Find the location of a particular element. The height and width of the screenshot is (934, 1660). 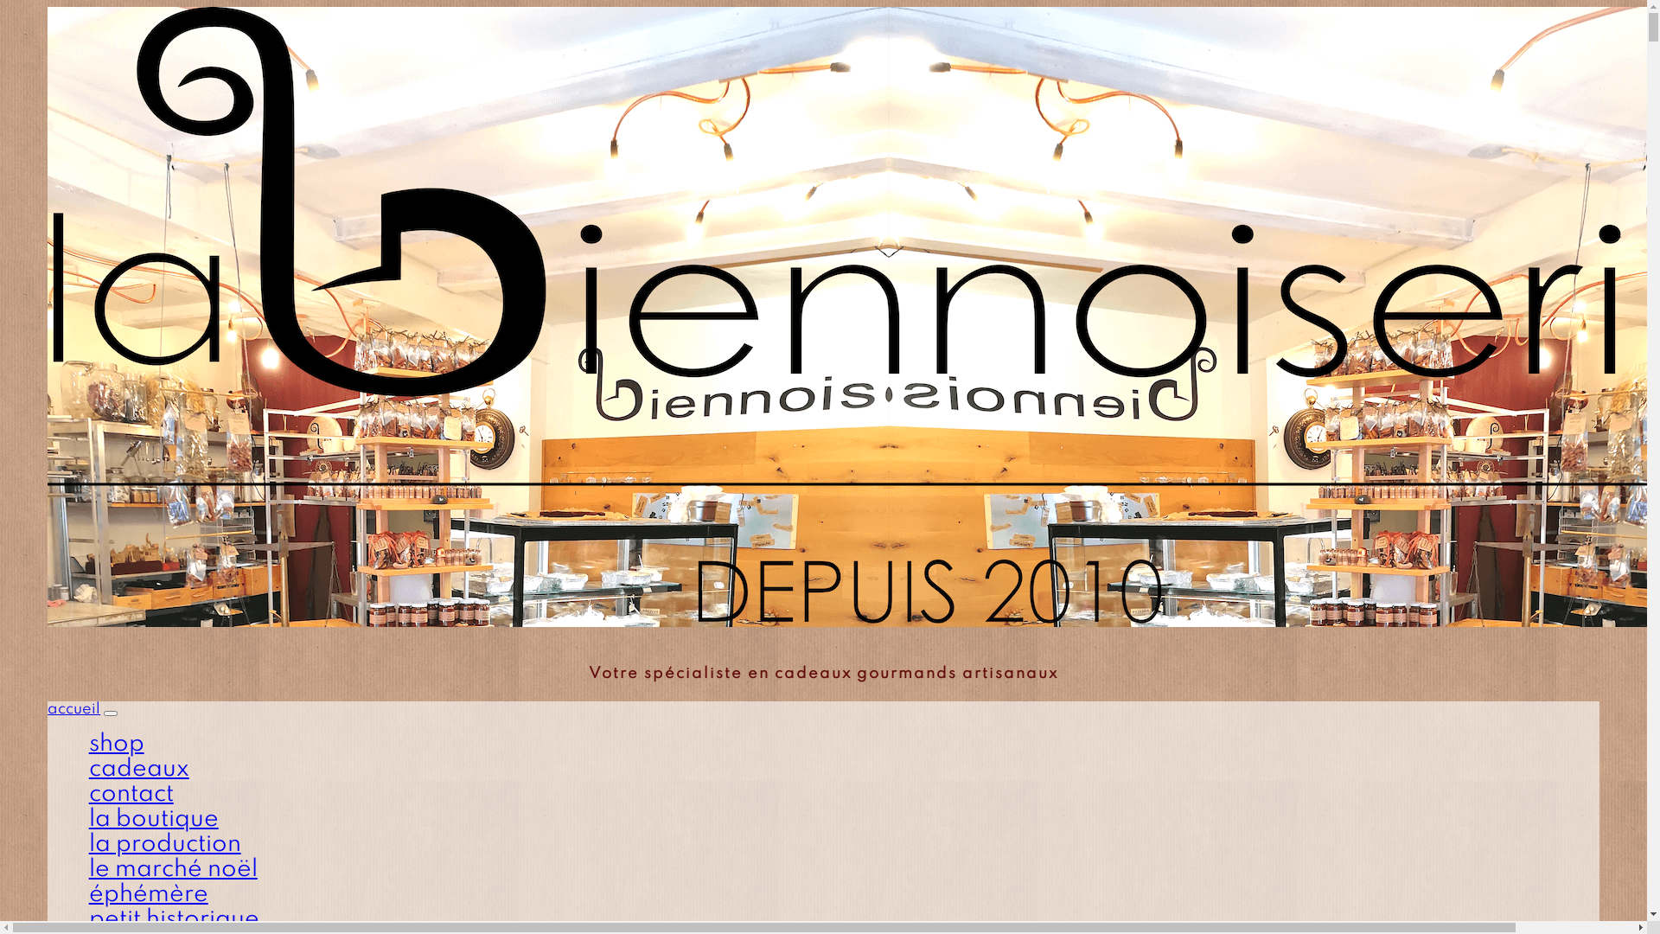

'la boutique' is located at coordinates (153, 818).